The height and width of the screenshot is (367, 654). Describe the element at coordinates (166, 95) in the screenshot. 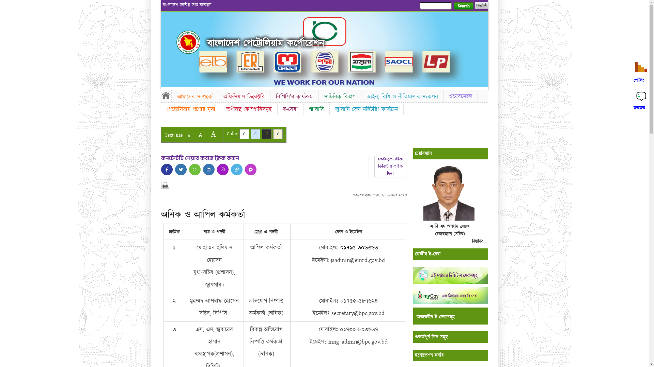

I see `'Home'` at that location.